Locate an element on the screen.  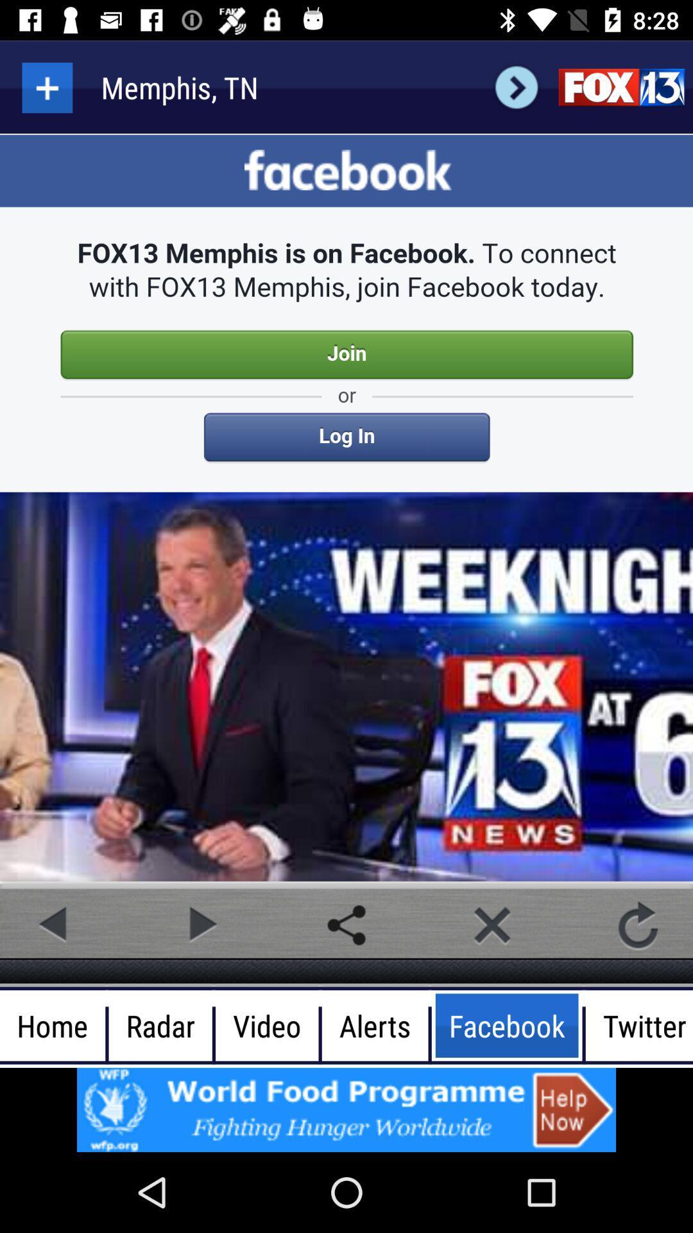
back ward is located at coordinates (516, 87).